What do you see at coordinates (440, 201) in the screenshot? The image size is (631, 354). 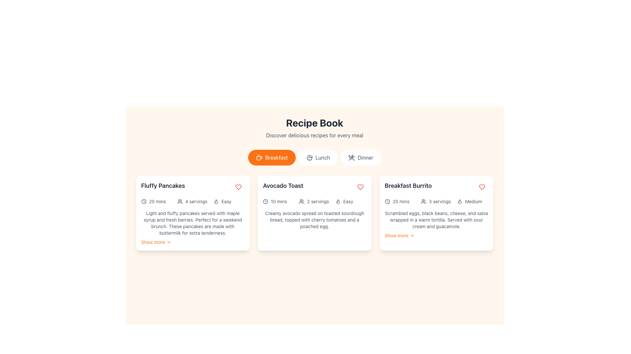 I see `the text label that indicates the number of servings for the 'Breakfast Burrito' recipe, positioned between a user icon and the difficulty indicator 'Medium'` at bounding box center [440, 201].